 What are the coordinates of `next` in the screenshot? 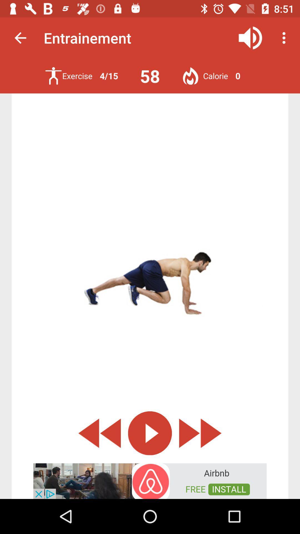 It's located at (200, 433).